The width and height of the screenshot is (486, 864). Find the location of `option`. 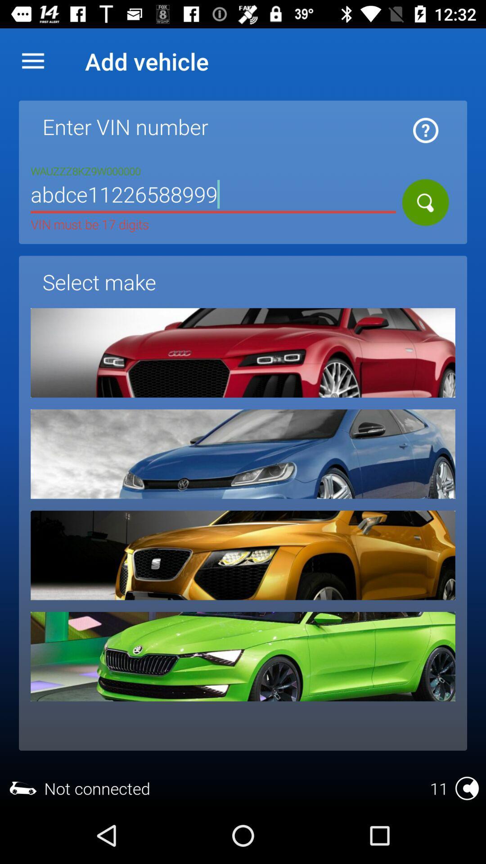

option is located at coordinates (243, 555).